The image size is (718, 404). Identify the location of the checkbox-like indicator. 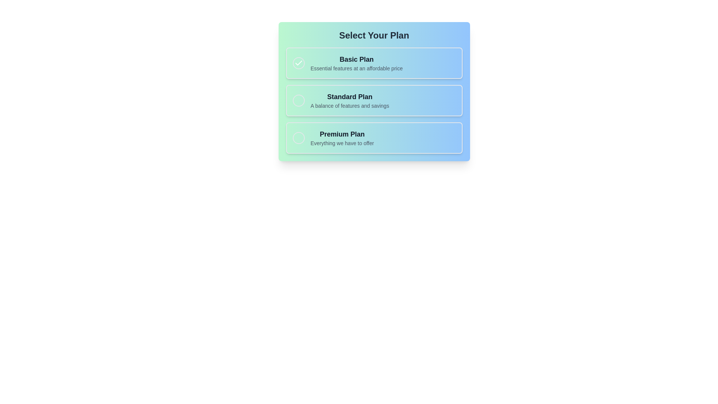
(298, 63).